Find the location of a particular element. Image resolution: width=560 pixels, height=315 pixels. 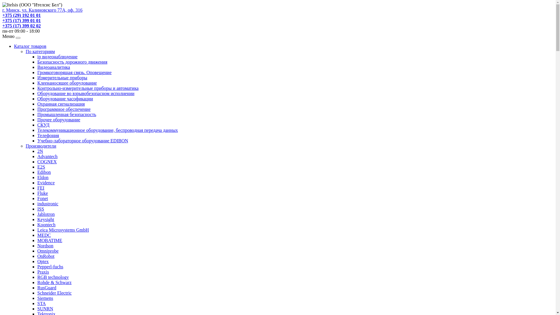

'Edibon' is located at coordinates (43, 172).